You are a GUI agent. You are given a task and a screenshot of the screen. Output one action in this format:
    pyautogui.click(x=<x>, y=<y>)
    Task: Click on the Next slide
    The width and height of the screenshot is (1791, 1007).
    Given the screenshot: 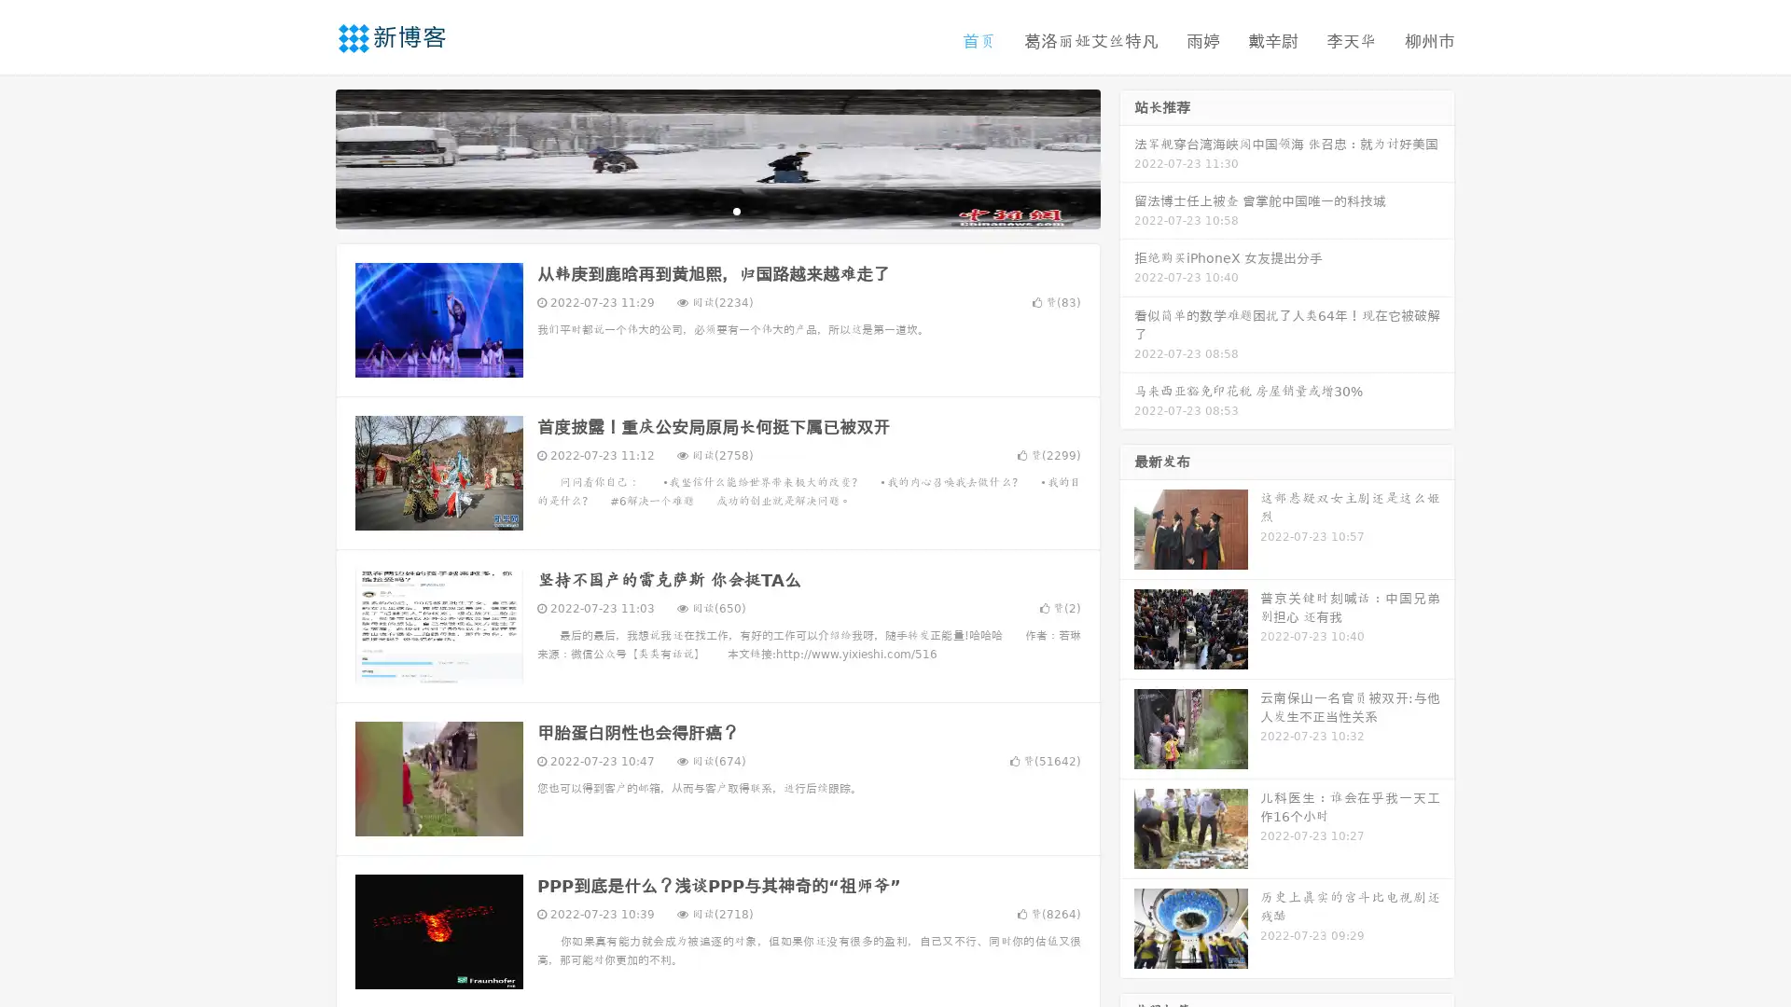 What is the action you would take?
    pyautogui.click(x=1127, y=157)
    